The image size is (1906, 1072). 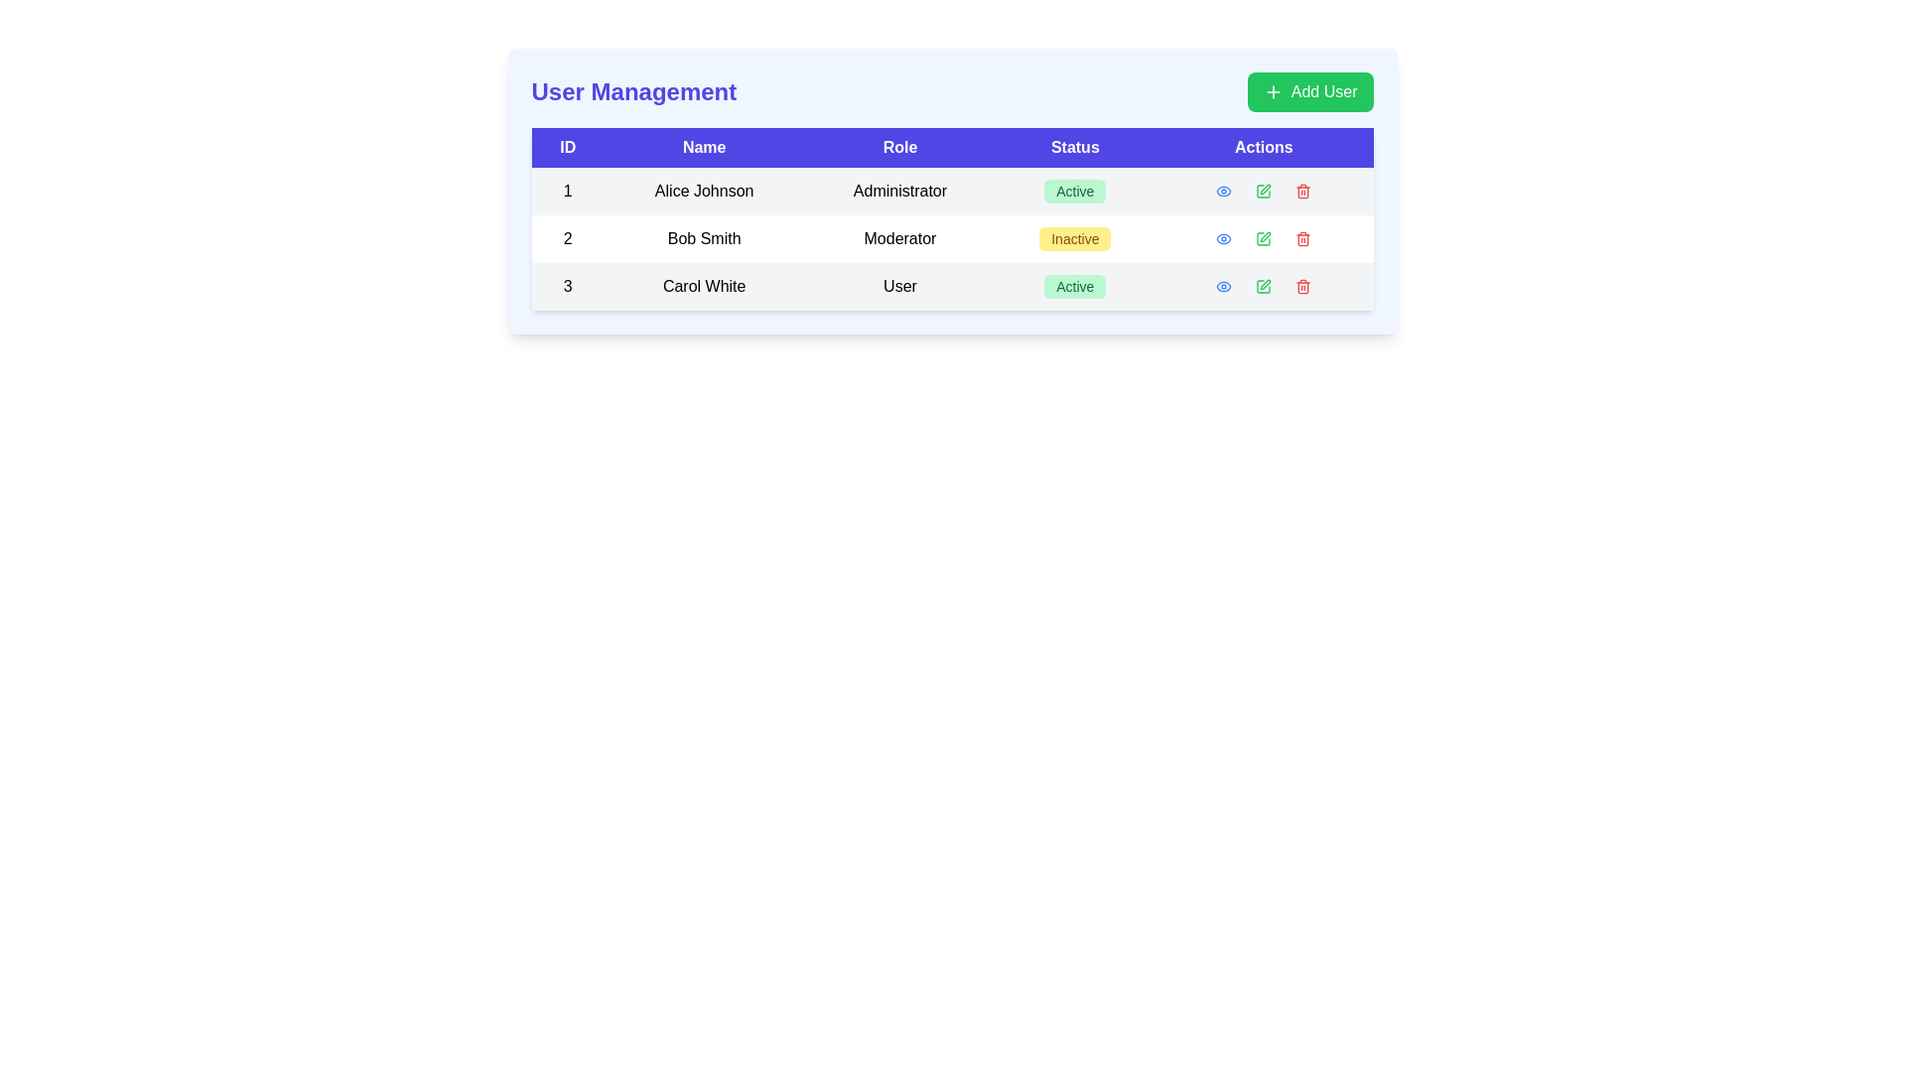 What do you see at coordinates (899, 191) in the screenshot?
I see `the 'Role' cell displaying the information for user 'Alice Johnson' in the first data row of the User Management table` at bounding box center [899, 191].